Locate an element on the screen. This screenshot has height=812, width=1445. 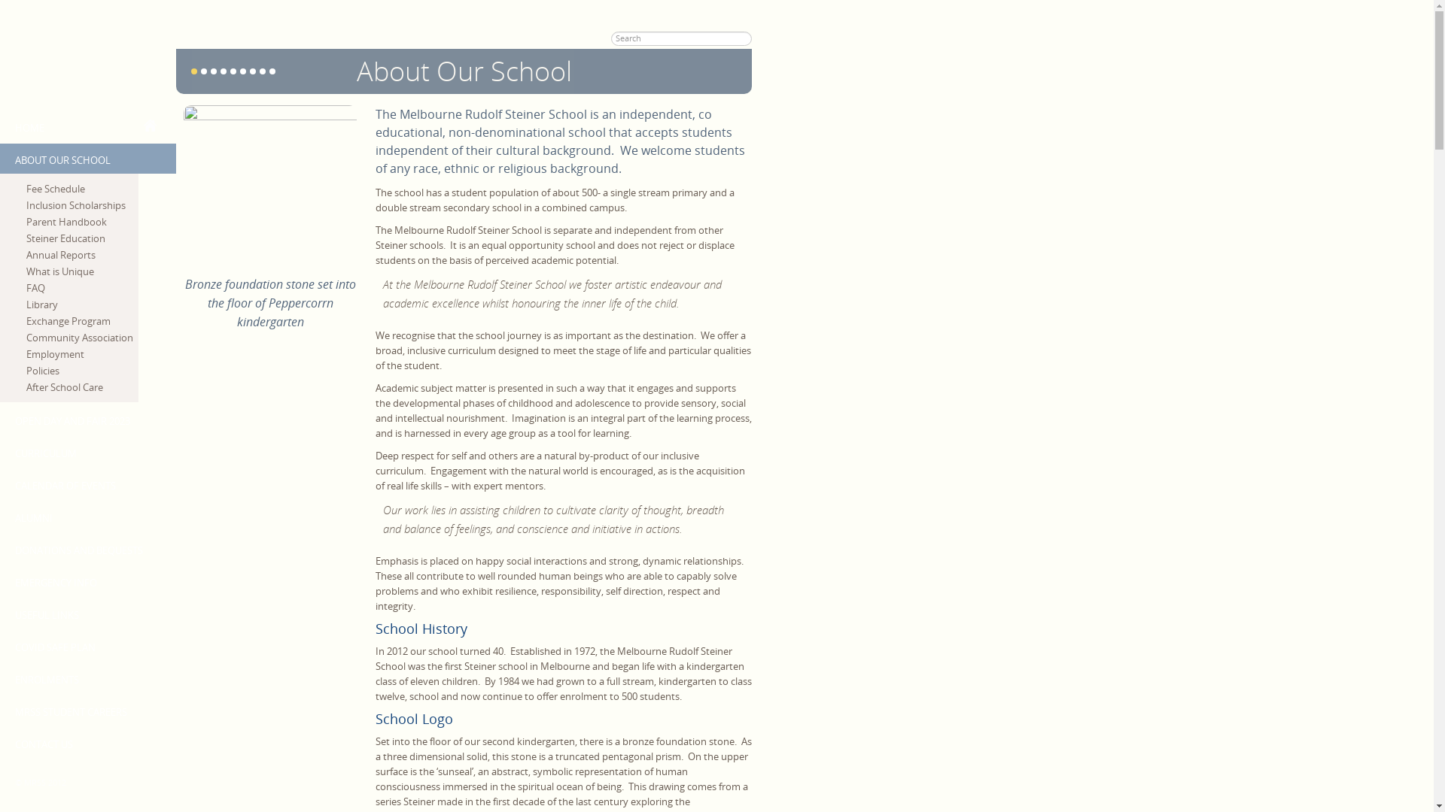
'CONTACT US' is located at coordinates (0, 741).